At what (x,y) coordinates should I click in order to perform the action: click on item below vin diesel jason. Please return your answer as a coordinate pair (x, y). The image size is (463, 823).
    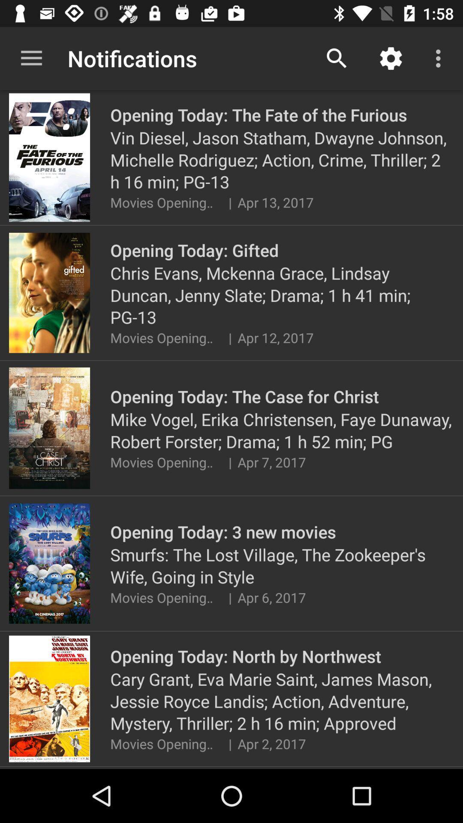
    Looking at the image, I should click on (229, 202).